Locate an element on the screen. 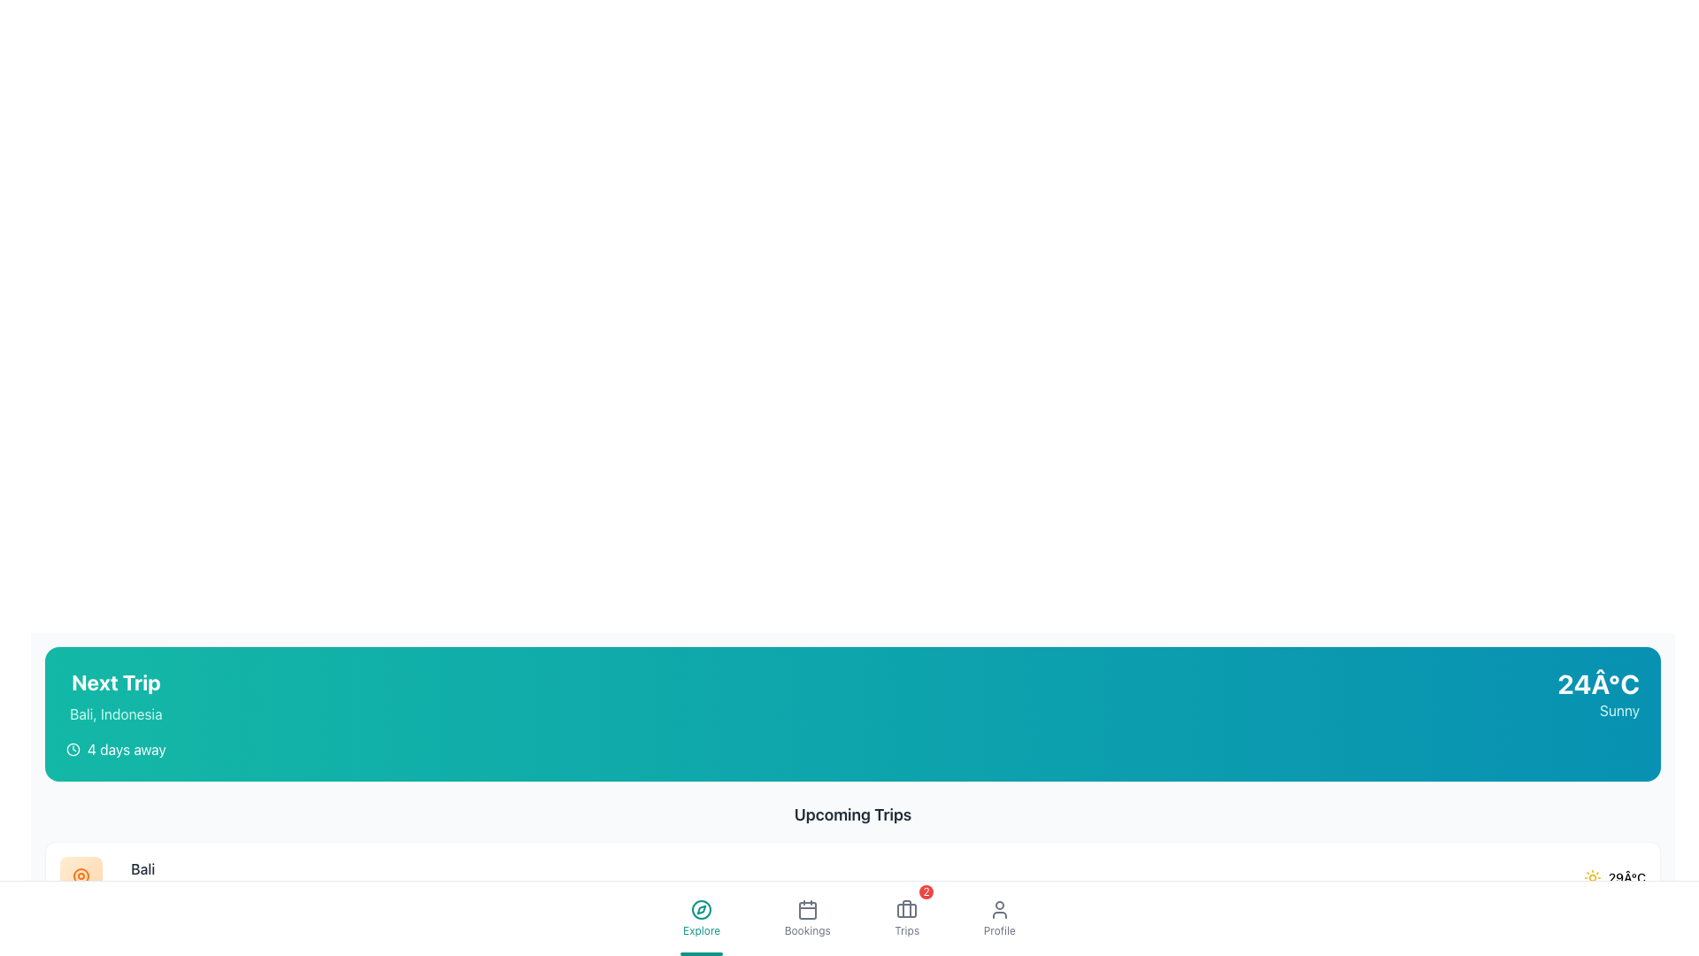 The height and width of the screenshot is (956, 1699). the sun icon, which is a yellow graphical representation indicating sunny weather, located in the lower right section of the UI layout is located at coordinates (1592, 877).